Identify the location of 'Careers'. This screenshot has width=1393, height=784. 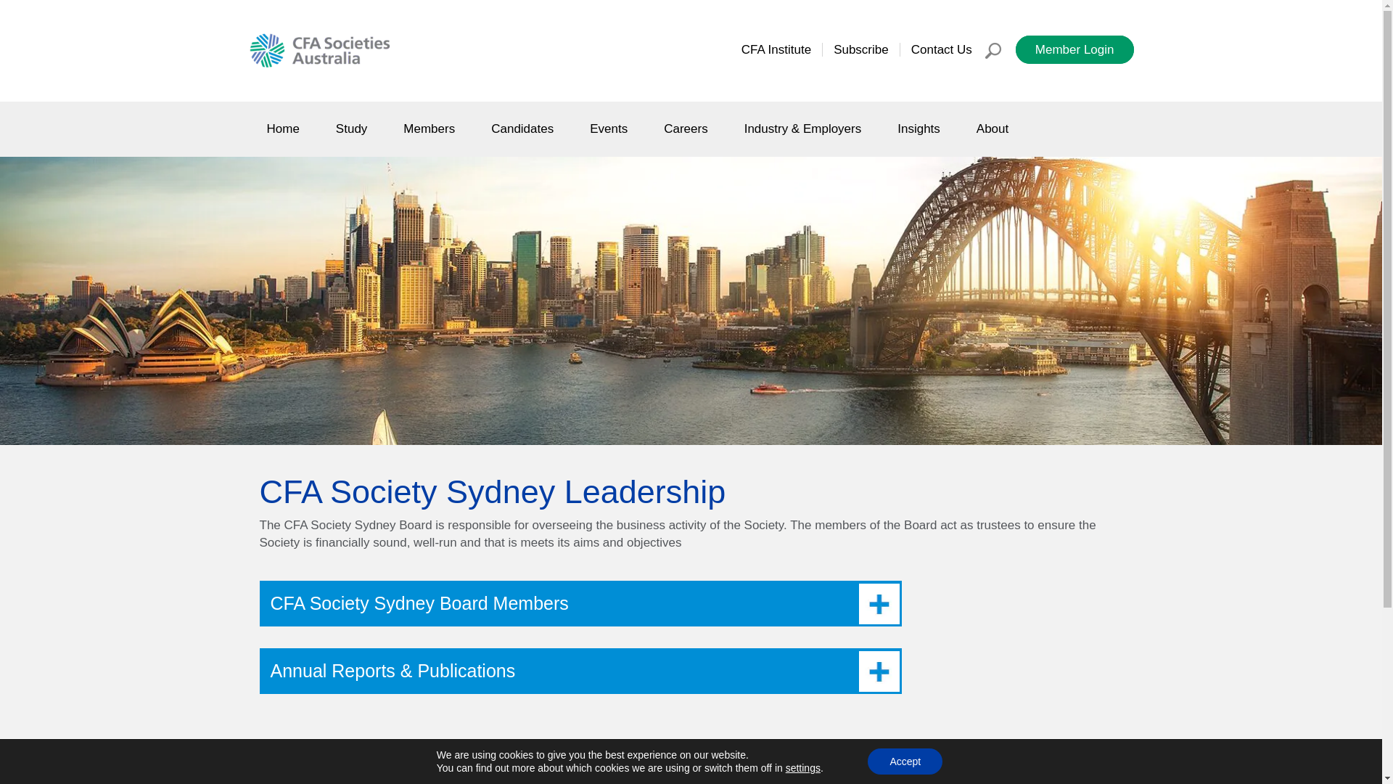
(685, 128).